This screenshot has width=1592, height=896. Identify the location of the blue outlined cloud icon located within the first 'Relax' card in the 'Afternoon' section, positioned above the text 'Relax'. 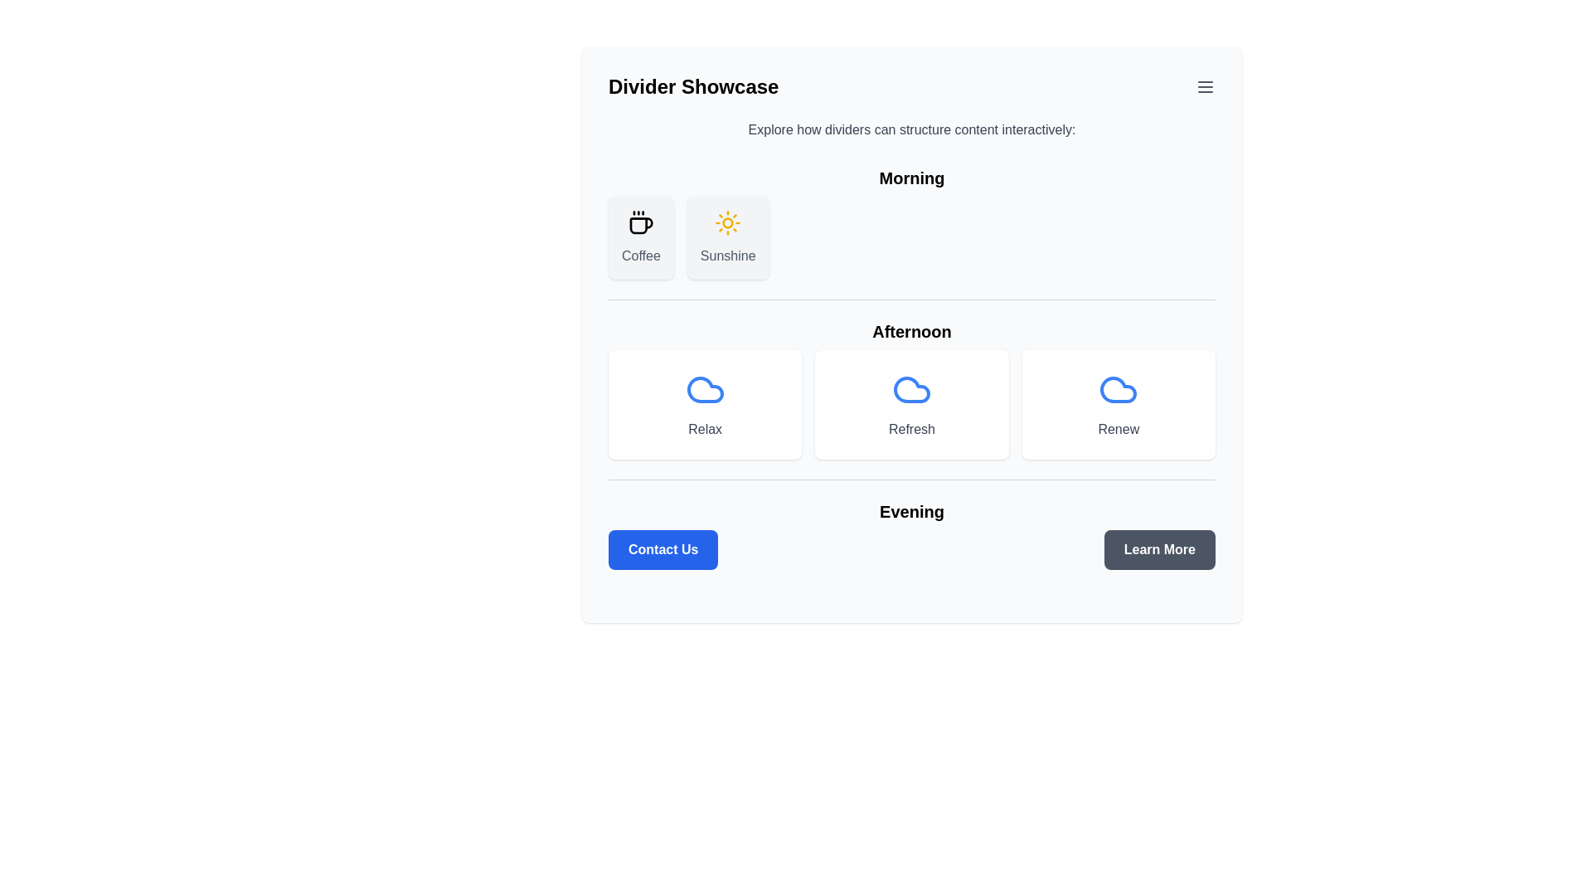
(705, 390).